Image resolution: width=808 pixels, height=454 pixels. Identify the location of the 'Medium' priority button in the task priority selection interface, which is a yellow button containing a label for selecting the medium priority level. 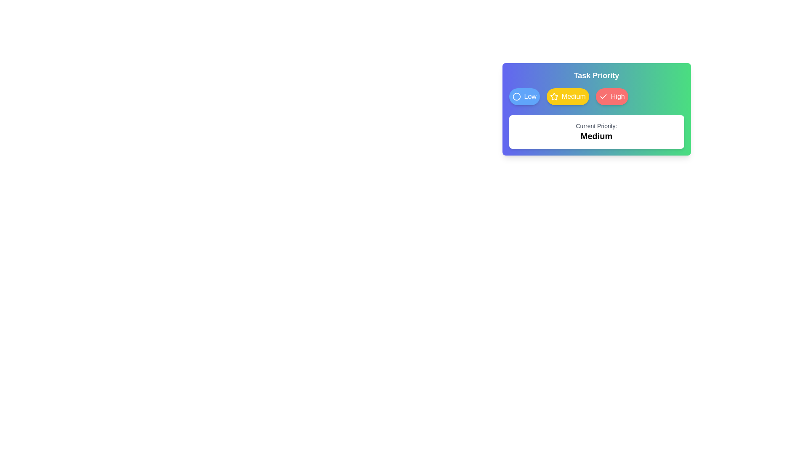
(573, 96).